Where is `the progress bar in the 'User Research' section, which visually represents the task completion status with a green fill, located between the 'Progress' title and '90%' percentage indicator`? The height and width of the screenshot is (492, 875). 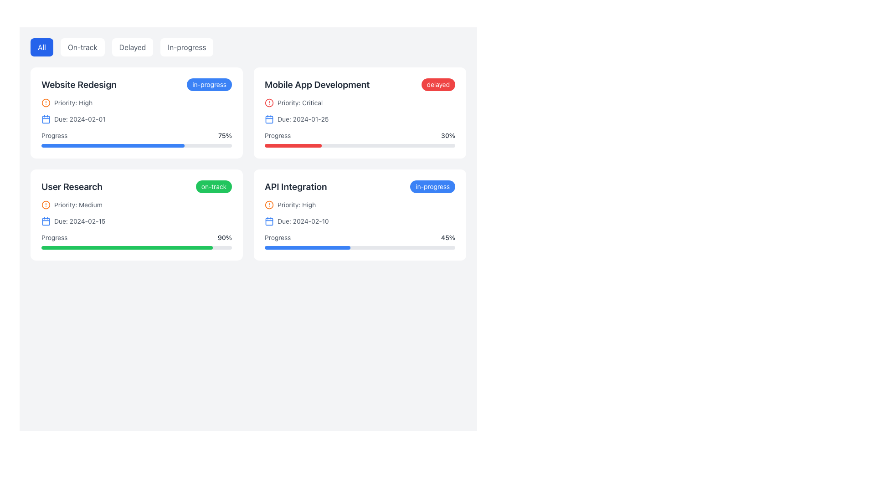
the progress bar in the 'User Research' section, which visually represents the task completion status with a green fill, located between the 'Progress' title and '90%' percentage indicator is located at coordinates (136, 247).